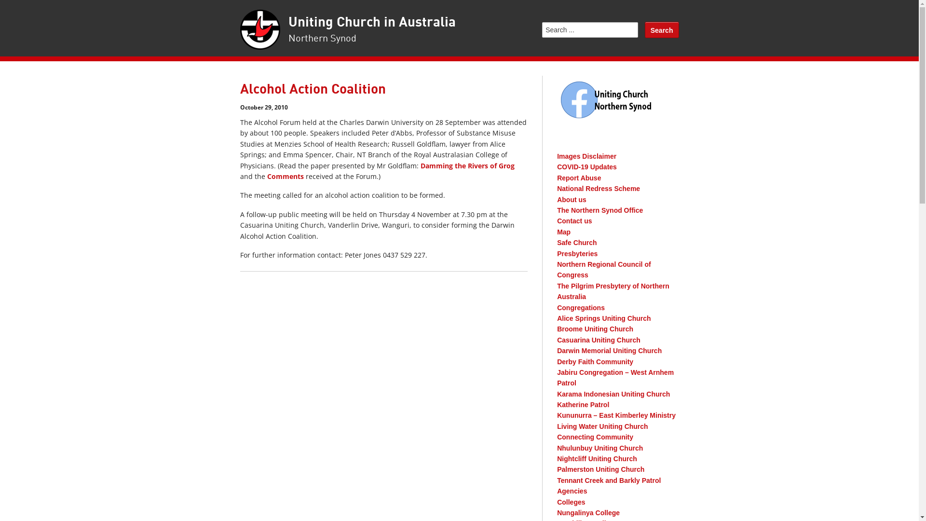 The image size is (926, 521). Describe the element at coordinates (557, 307) in the screenshot. I see `'Congregations'` at that location.